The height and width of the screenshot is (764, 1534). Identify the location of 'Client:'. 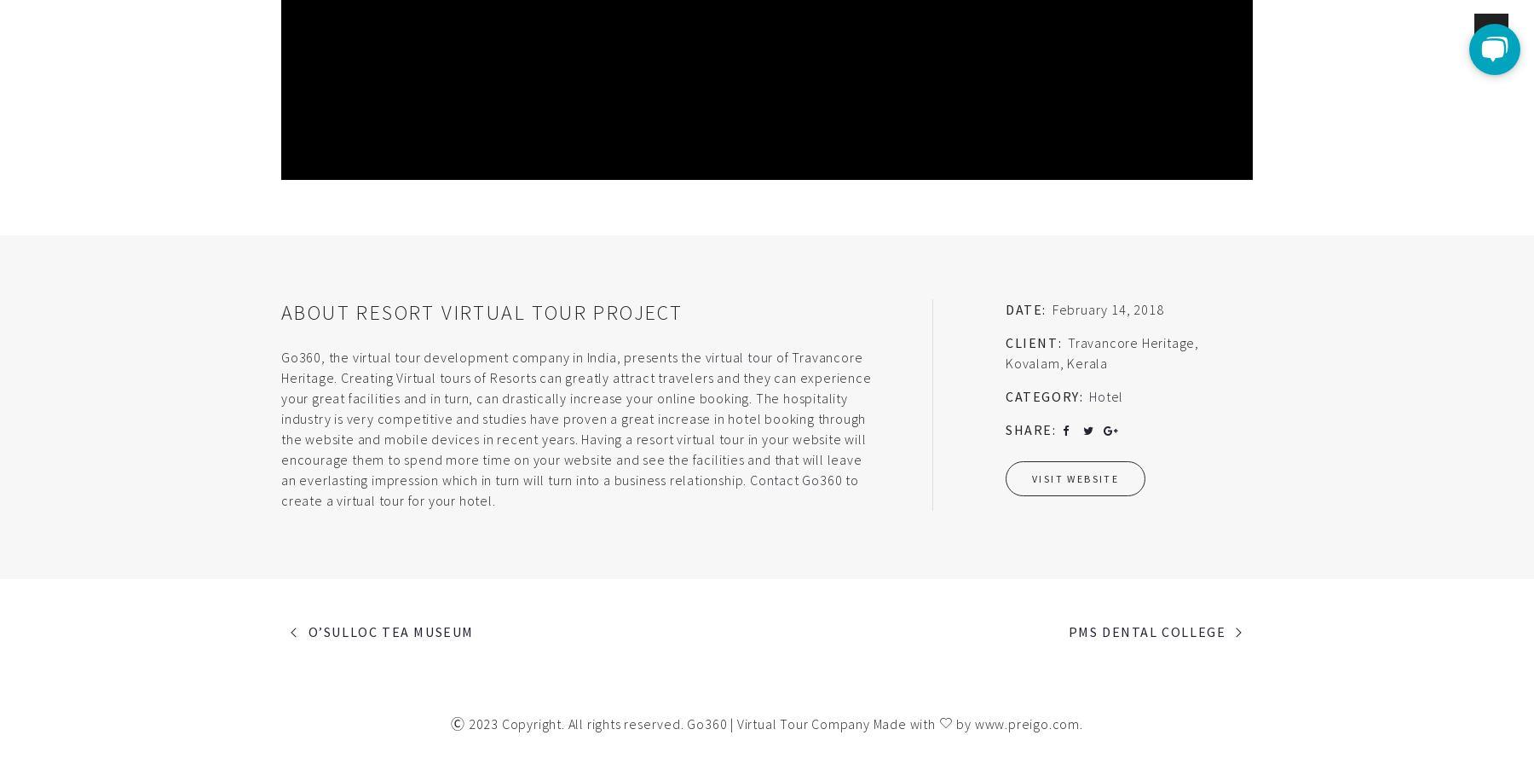
(1033, 341).